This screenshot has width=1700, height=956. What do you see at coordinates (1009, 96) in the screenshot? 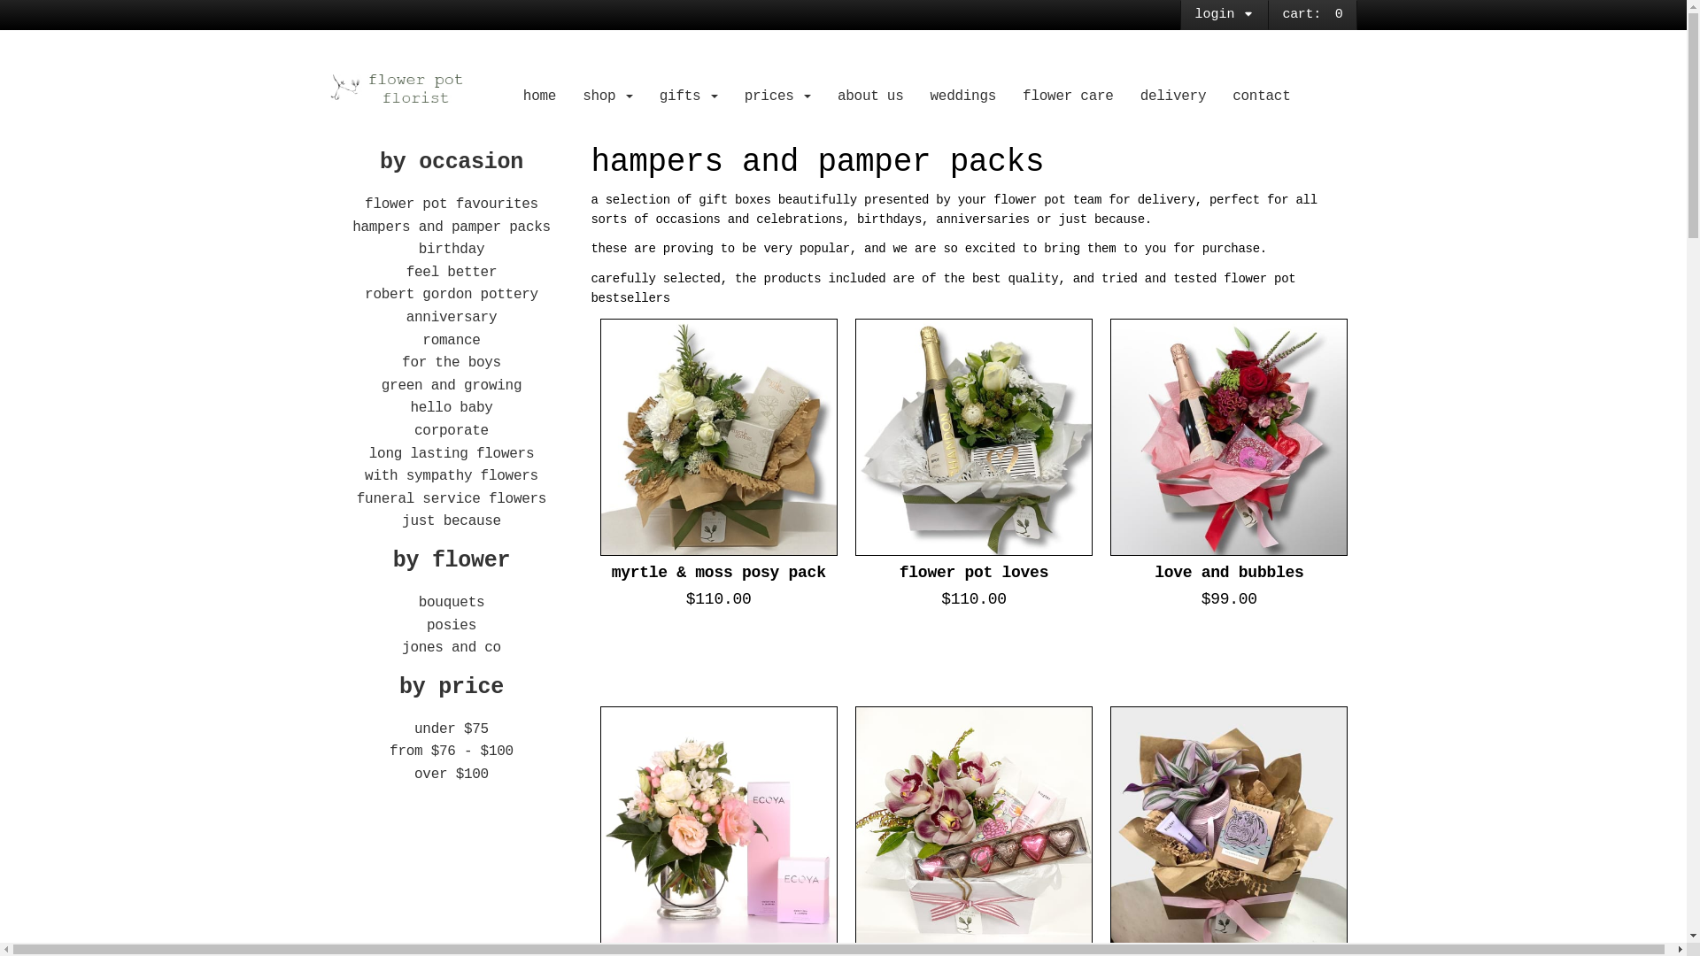
I see `'flower care'` at bounding box center [1009, 96].